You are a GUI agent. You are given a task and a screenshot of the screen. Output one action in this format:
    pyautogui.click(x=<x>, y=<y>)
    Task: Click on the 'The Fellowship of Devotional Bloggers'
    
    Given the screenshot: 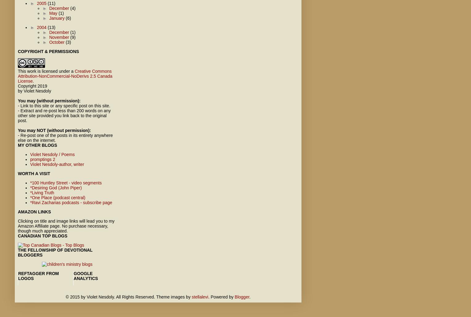 What is the action you would take?
    pyautogui.click(x=55, y=253)
    